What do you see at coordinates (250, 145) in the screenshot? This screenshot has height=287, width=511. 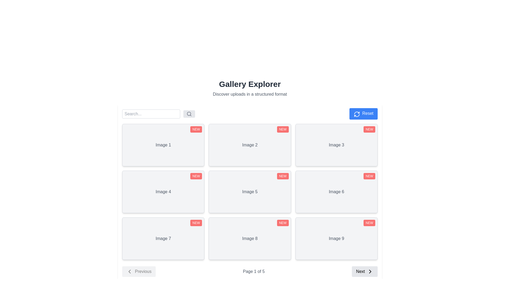 I see `text label that says 'Image 2' located in the center of the card with 'NEW' badge at the top-right corner` at bounding box center [250, 145].